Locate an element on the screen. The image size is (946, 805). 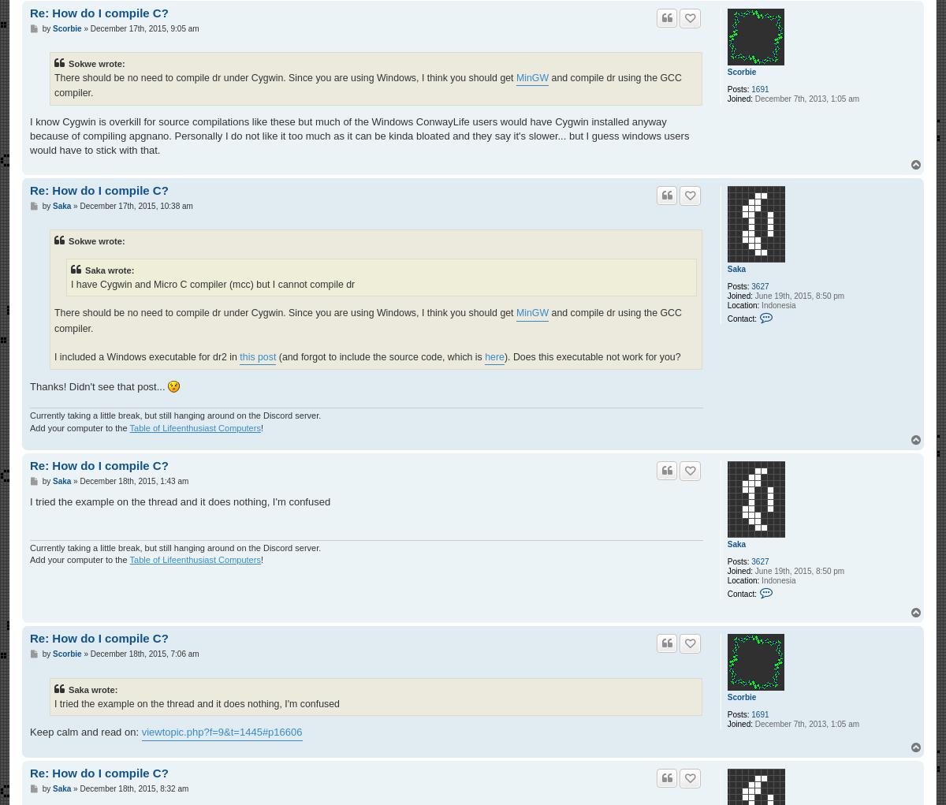
'I have Cygwin and Micro C compiler (mcc) but I cannot compile dr' is located at coordinates (212, 284).